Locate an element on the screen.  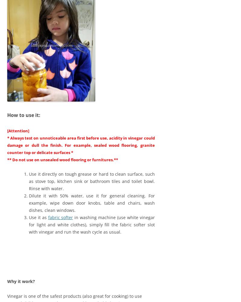
'fabric softer' is located at coordinates (60, 217).